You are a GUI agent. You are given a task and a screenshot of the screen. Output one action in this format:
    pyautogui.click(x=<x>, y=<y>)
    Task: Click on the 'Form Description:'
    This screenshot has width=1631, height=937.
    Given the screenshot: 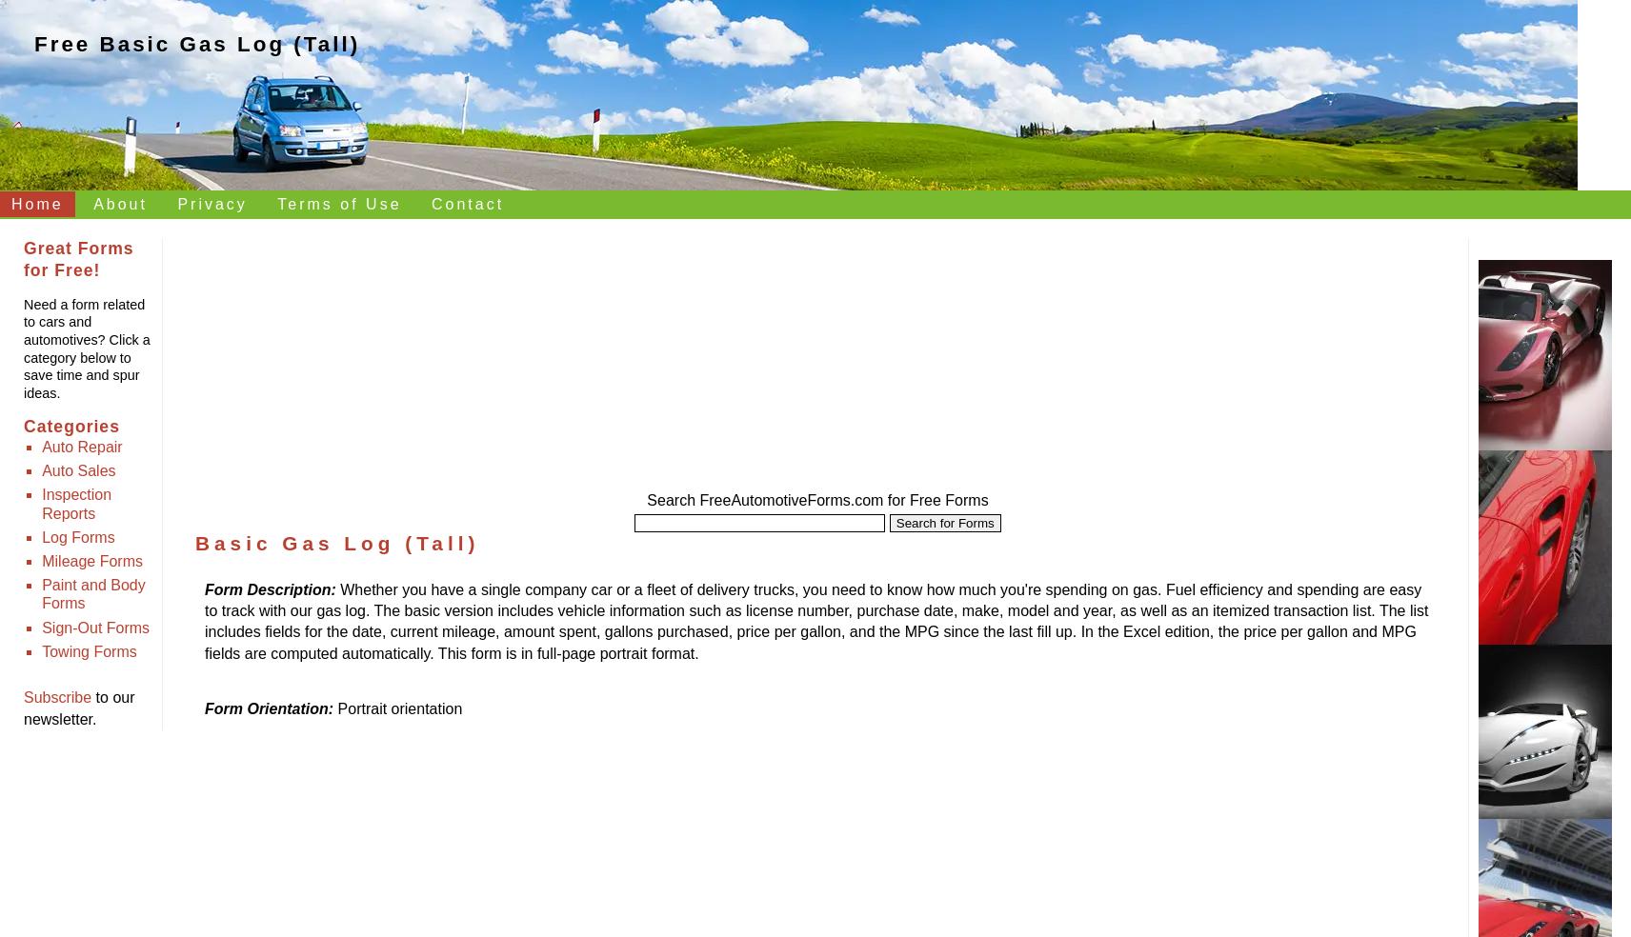 What is the action you would take?
    pyautogui.click(x=270, y=588)
    